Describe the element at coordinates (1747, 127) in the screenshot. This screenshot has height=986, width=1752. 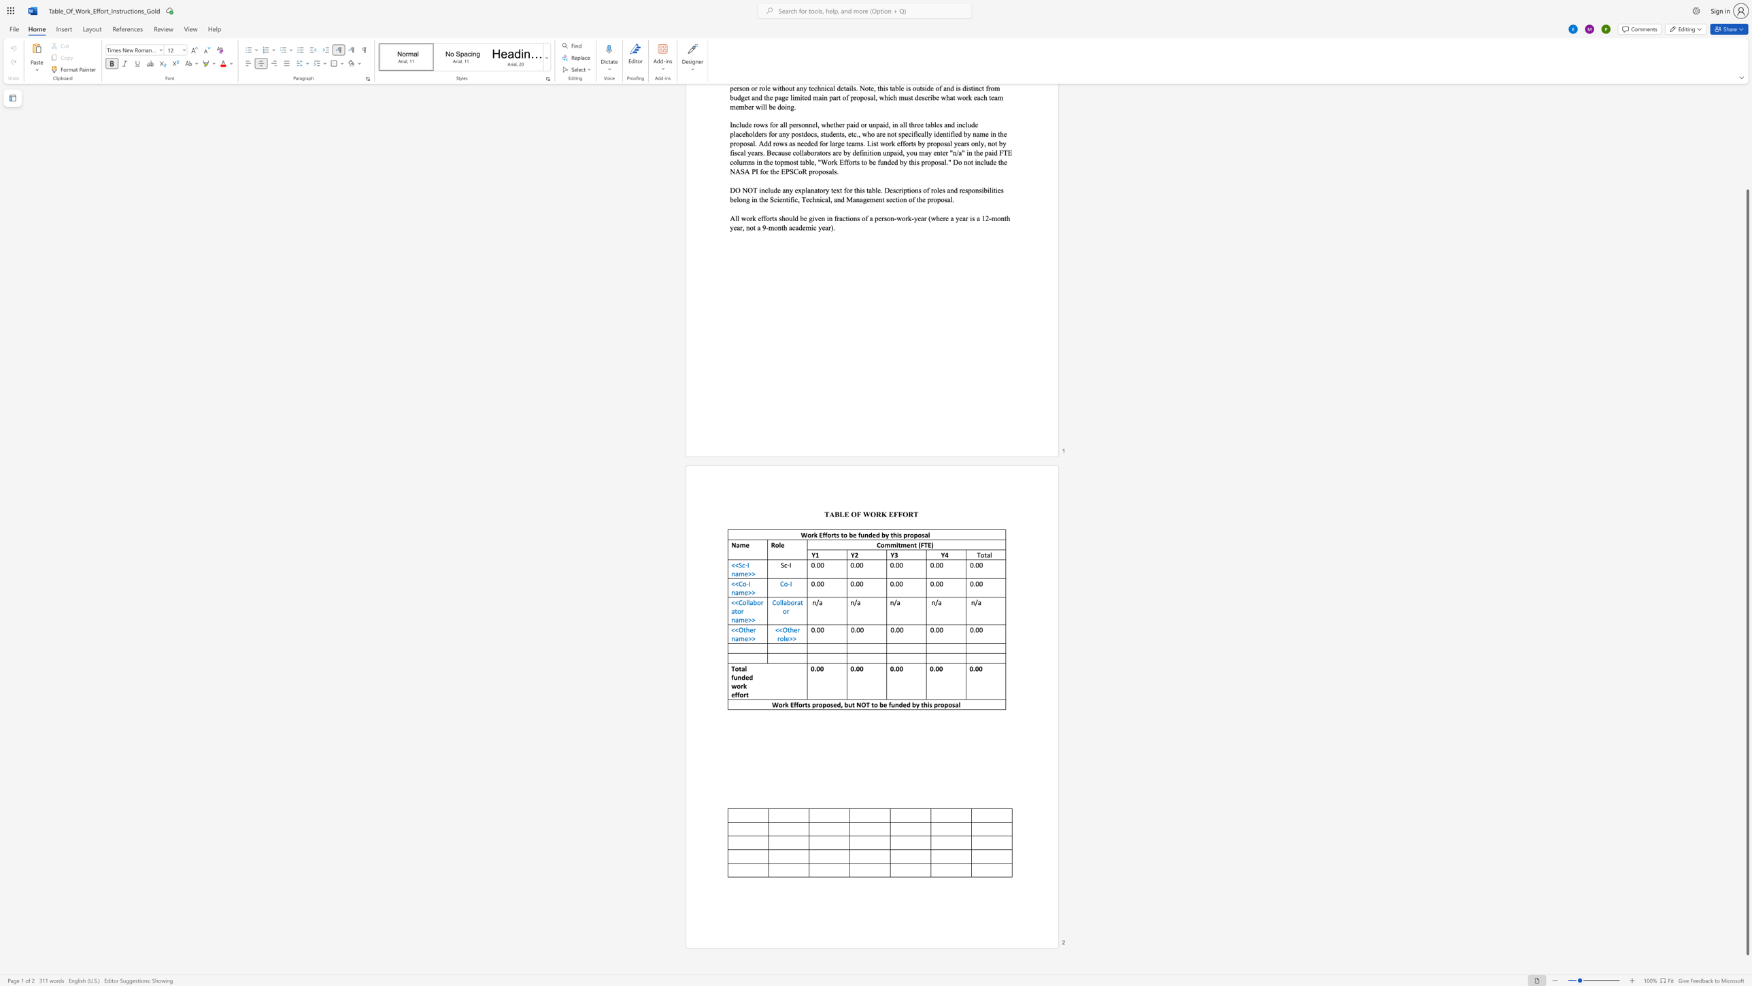
I see `the scrollbar on the right to shift the page higher` at that location.